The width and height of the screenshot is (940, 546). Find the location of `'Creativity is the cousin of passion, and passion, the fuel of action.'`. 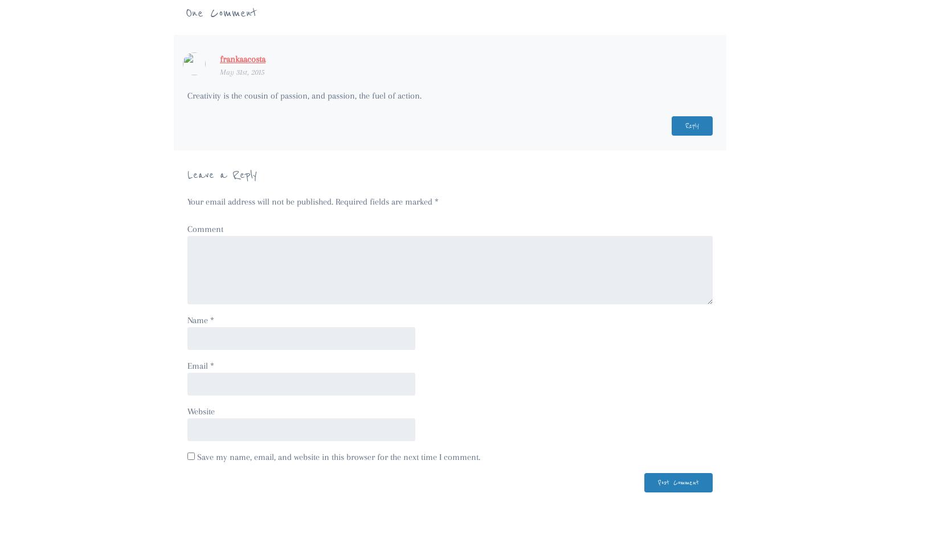

'Creativity is the cousin of passion, and passion, the fuel of action.' is located at coordinates (304, 95).